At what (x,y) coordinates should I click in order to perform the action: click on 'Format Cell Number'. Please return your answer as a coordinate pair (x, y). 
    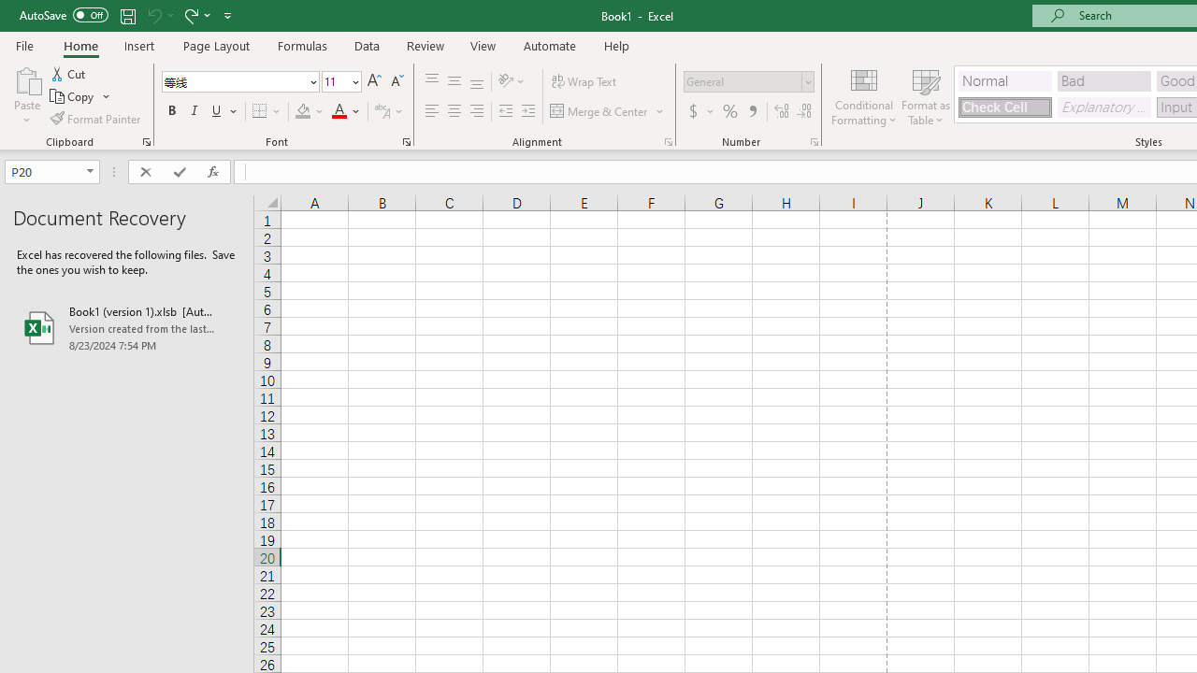
    Looking at the image, I should click on (815, 140).